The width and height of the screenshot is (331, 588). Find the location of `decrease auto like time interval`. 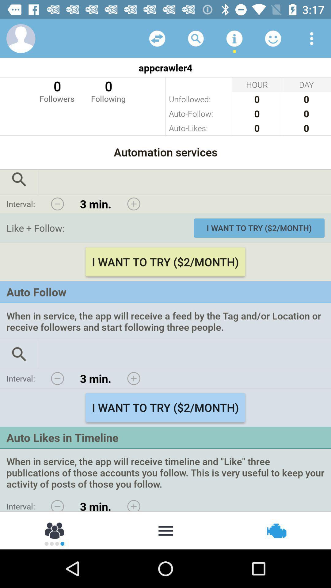

decrease auto like time interval is located at coordinates (57, 504).